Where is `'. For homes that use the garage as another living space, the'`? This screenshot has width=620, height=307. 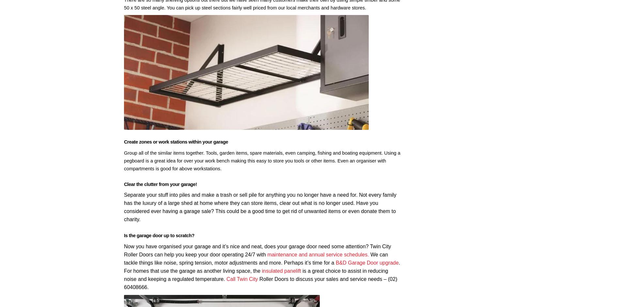 '. For homes that use the garage as another living space, the' is located at coordinates (261, 267).